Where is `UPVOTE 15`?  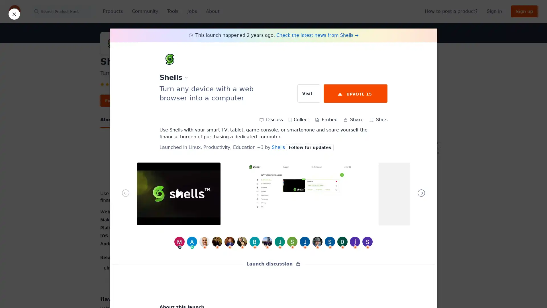
UPVOTE 15 is located at coordinates (355, 93).